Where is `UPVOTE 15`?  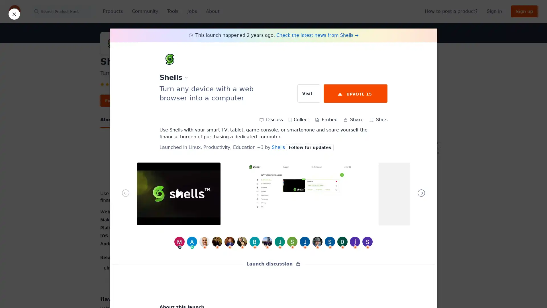
UPVOTE 15 is located at coordinates (355, 93).